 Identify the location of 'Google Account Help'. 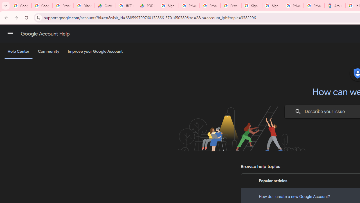
(45, 34).